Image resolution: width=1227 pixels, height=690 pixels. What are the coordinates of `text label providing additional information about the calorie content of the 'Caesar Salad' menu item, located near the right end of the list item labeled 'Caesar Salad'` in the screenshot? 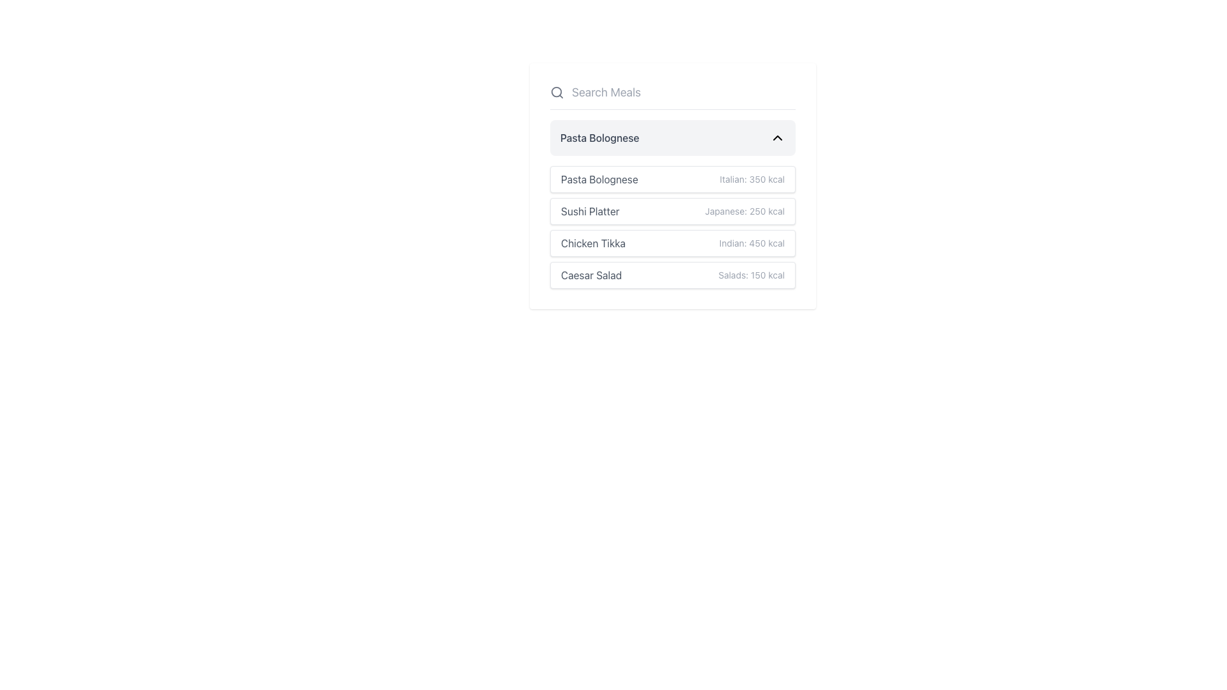 It's located at (752, 275).